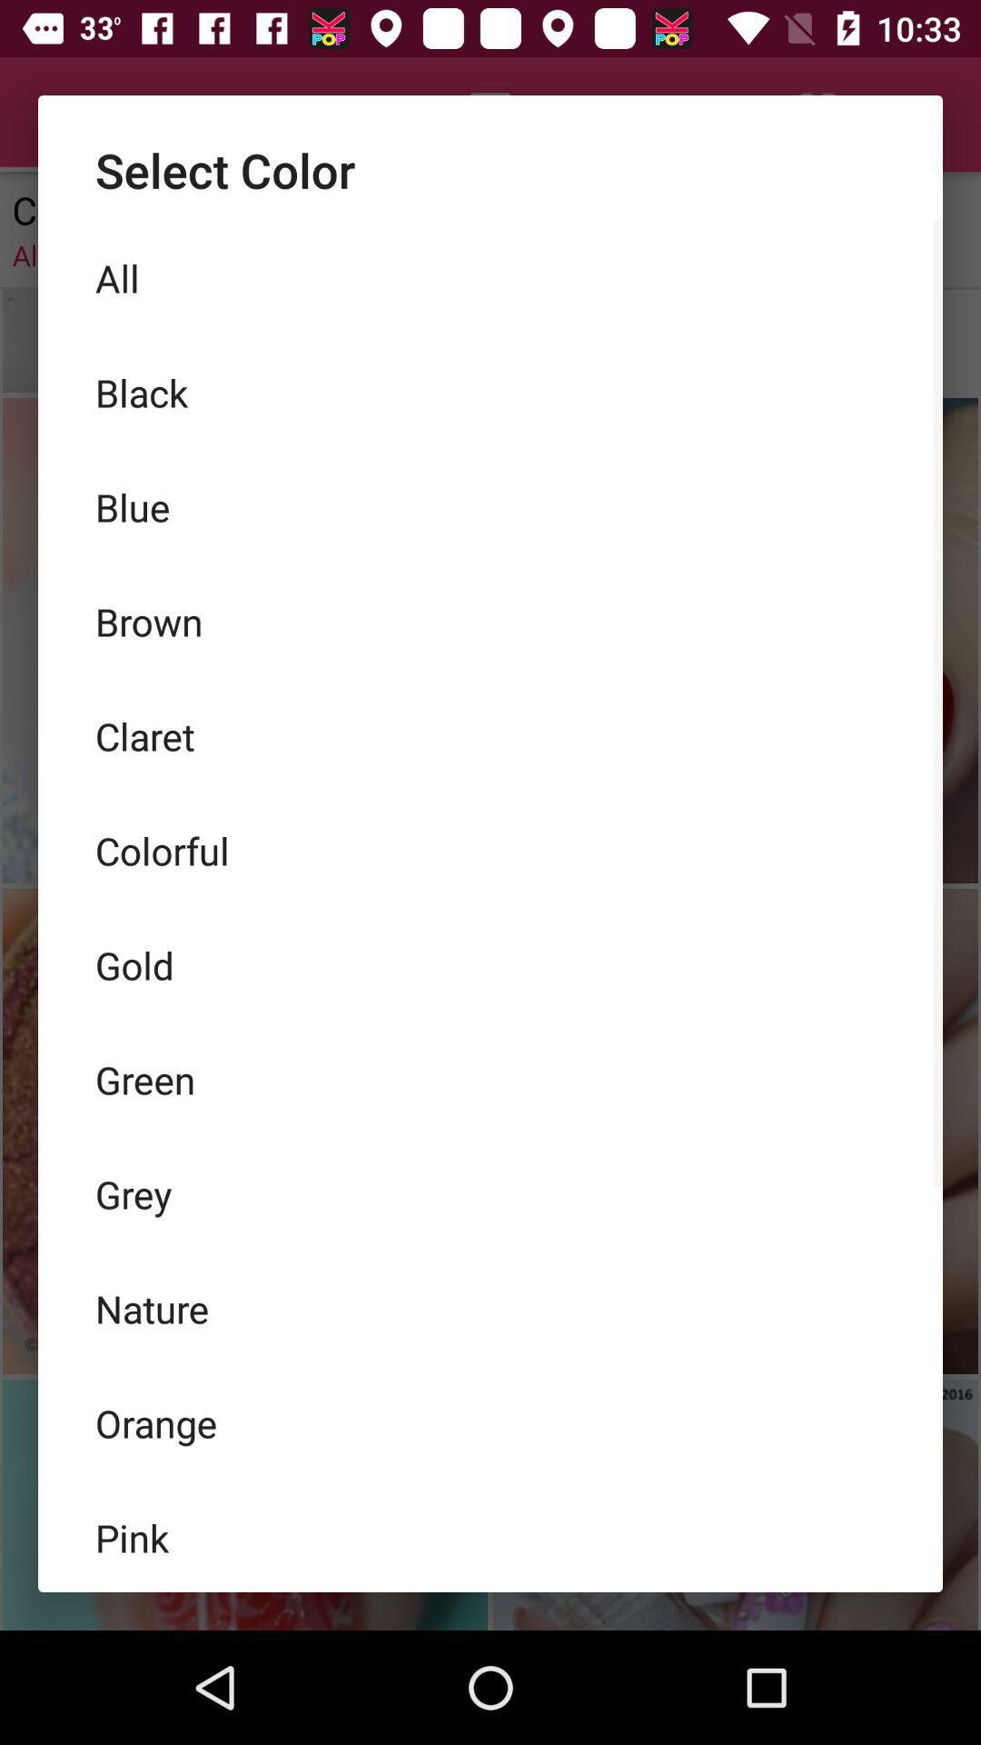 Image resolution: width=981 pixels, height=1745 pixels. What do you see at coordinates (490, 1080) in the screenshot?
I see `icon below gold icon` at bounding box center [490, 1080].